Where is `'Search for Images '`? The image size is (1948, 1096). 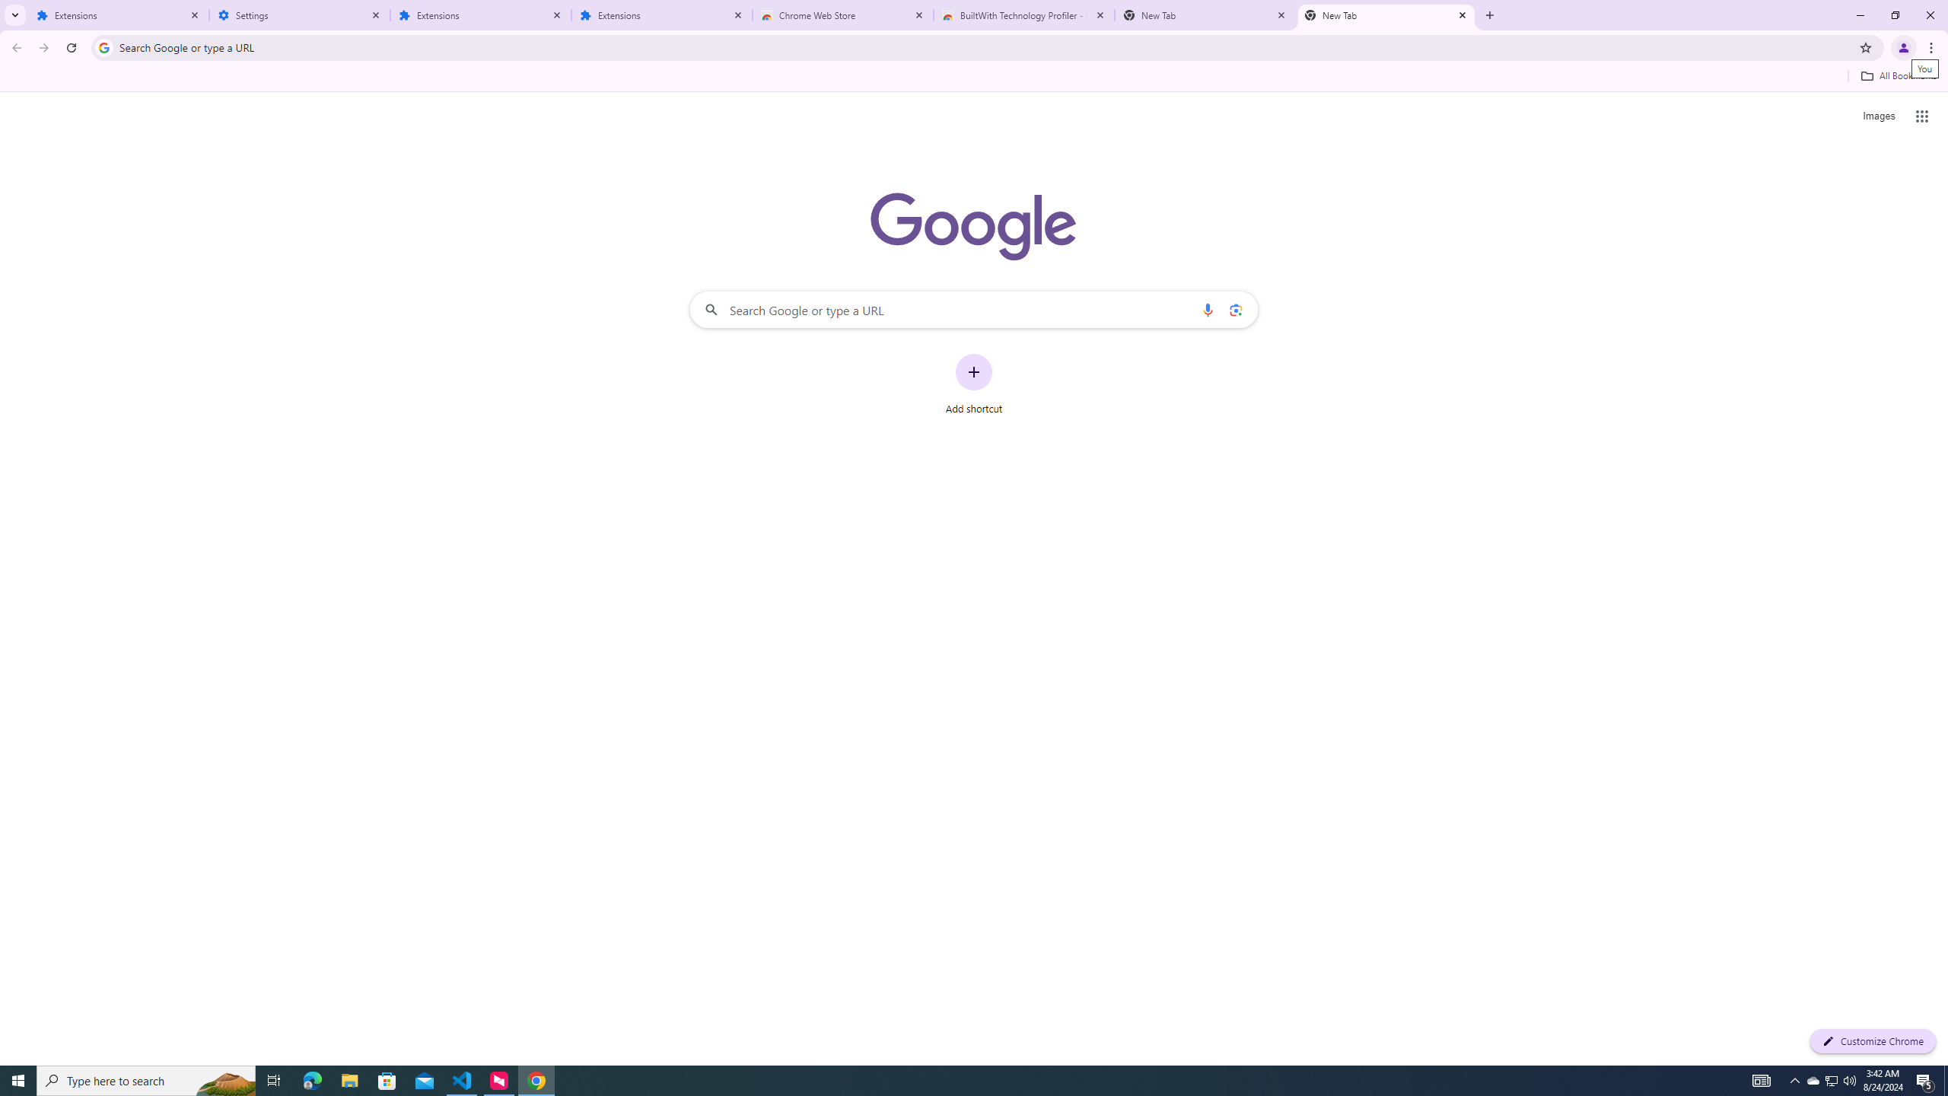
'Search for Images ' is located at coordinates (1879, 116).